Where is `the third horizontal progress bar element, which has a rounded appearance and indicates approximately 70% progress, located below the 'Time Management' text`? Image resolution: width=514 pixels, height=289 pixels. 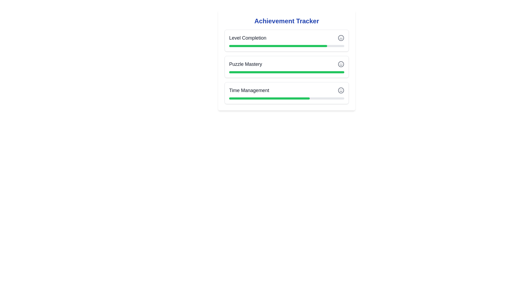 the third horizontal progress bar element, which has a rounded appearance and indicates approximately 70% progress, located below the 'Time Management' text is located at coordinates (286, 98).